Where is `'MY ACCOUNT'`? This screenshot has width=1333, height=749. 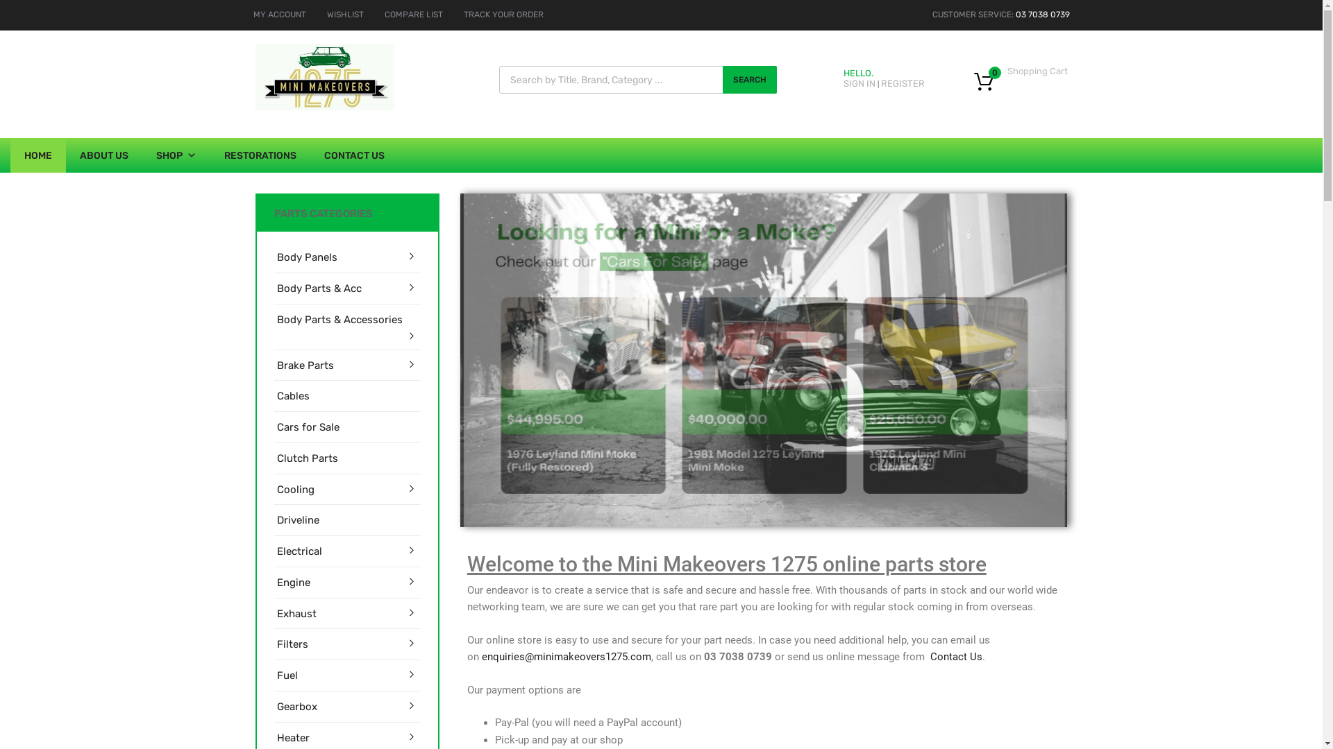
'MY ACCOUNT' is located at coordinates (278, 14).